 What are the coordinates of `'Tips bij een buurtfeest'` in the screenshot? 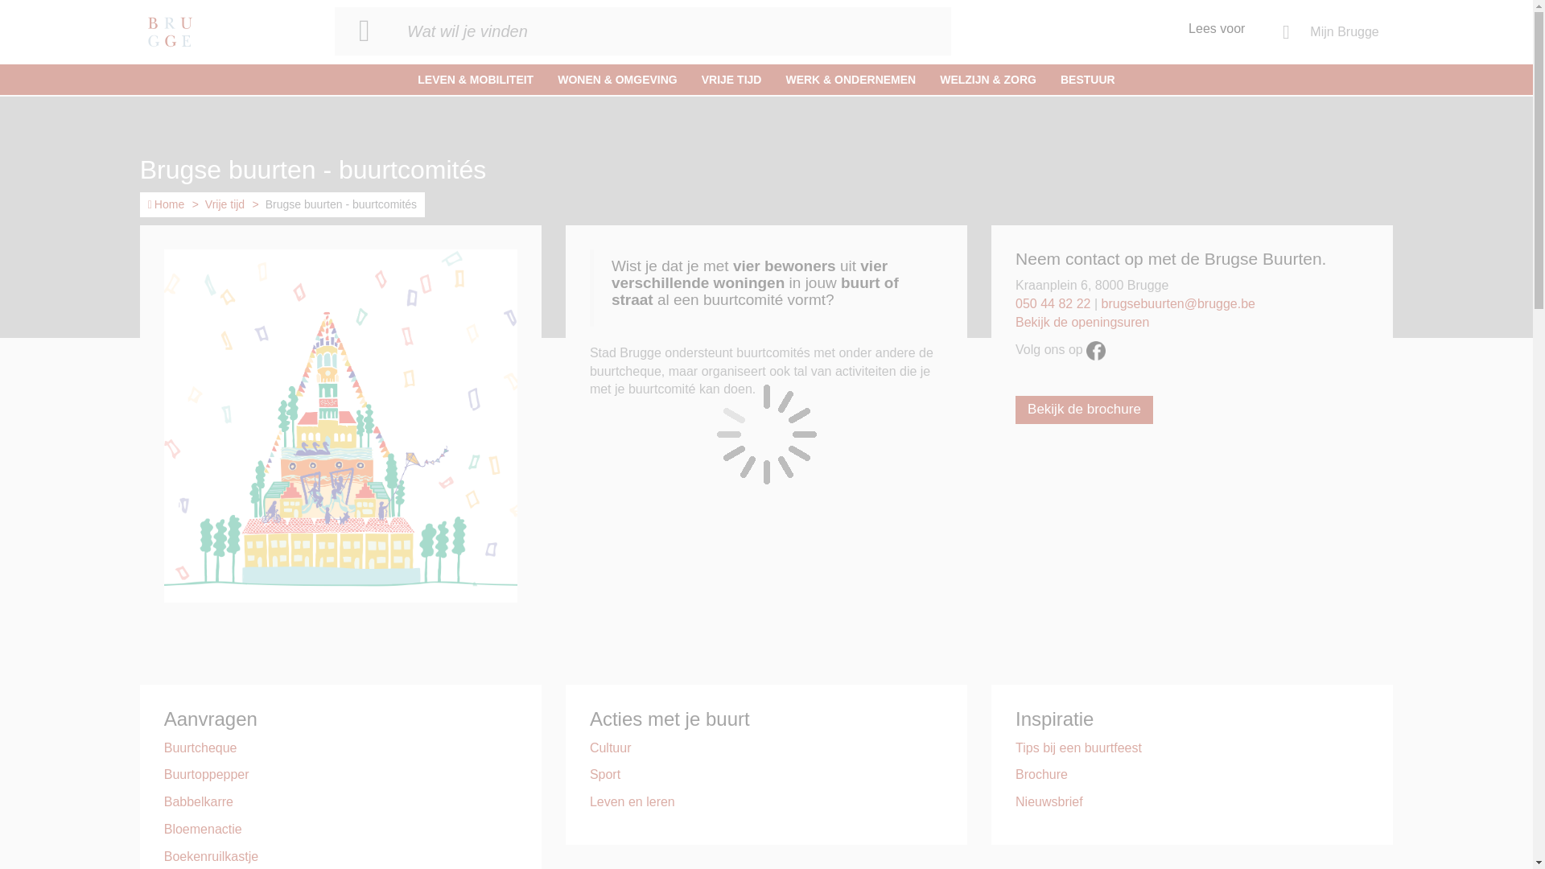 It's located at (1078, 748).